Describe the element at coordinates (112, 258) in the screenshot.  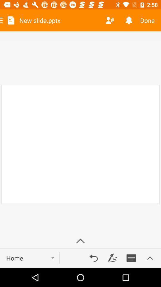
I see `the edit icon` at that location.